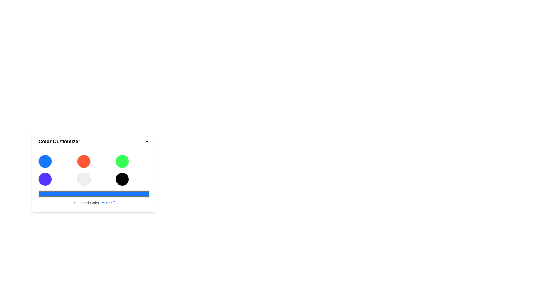 This screenshot has width=535, height=301. I want to click on the static text displaying the color code '#1677ff', which is part of the message 'Selected Color: #1677ff', so click(108, 203).